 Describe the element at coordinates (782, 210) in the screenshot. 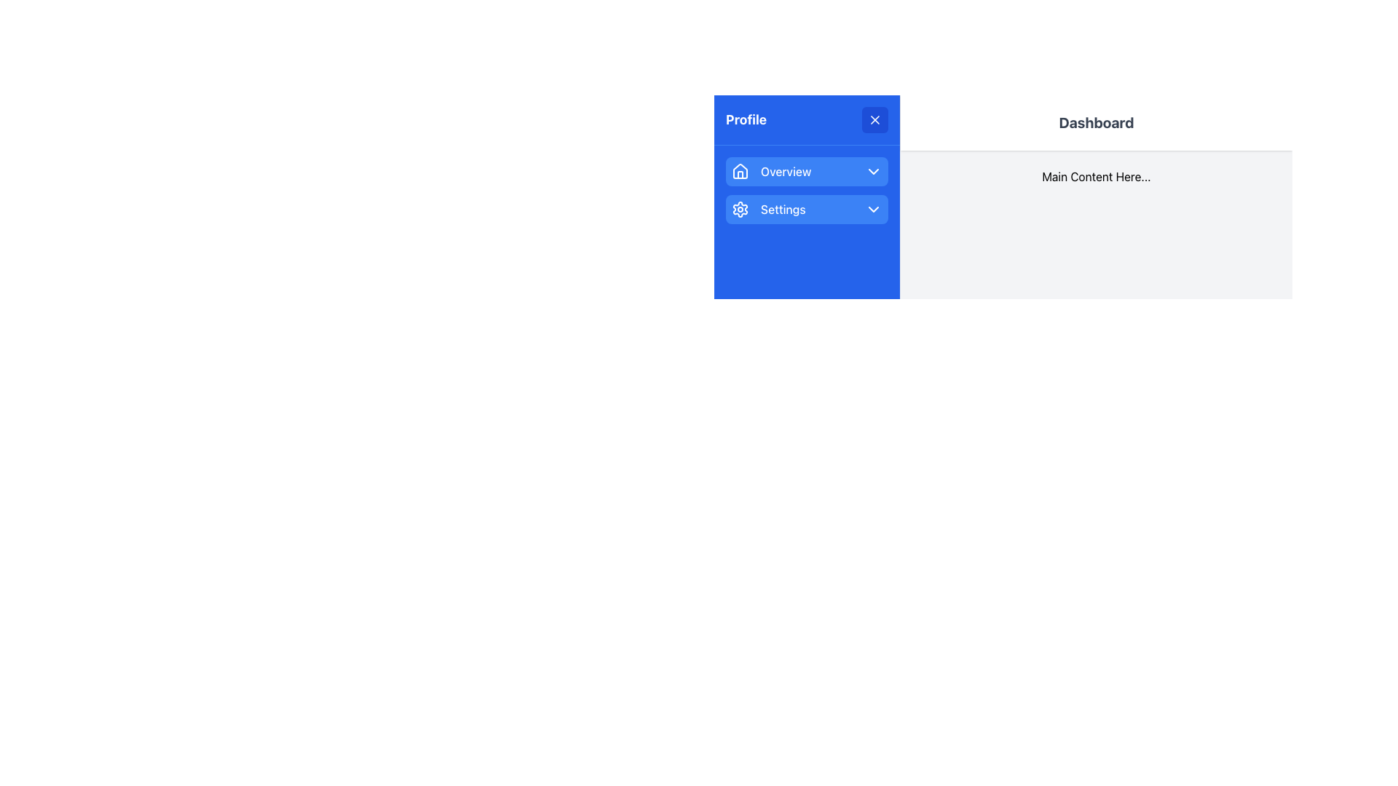

I see `the 'Settings' label element, which is a bold text label part of a vertical navigation menu under the 'Profile' section and located to the right of a cog wheel icon` at that location.